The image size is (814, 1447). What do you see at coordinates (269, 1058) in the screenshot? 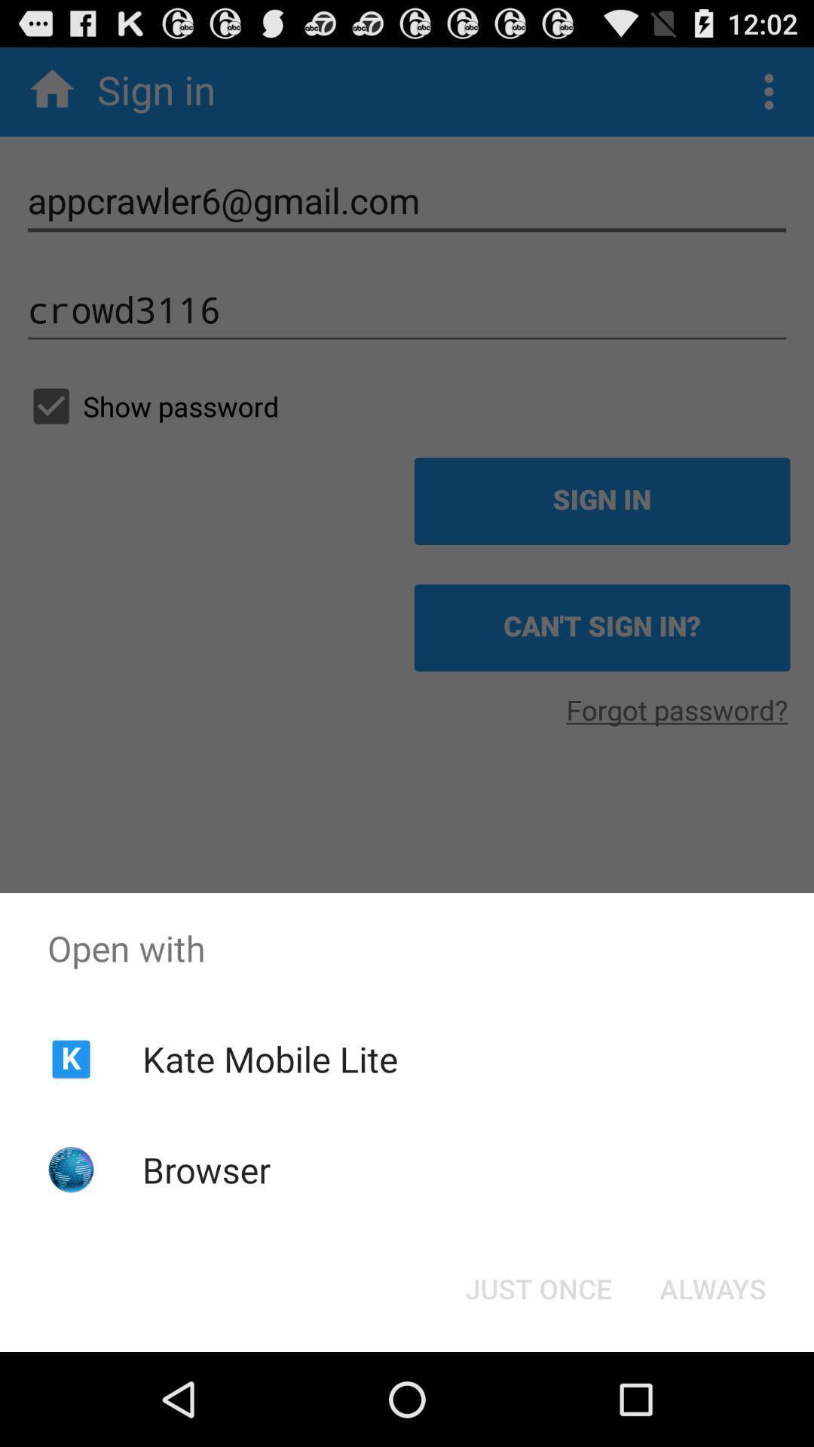
I see `kate mobile lite item` at bounding box center [269, 1058].